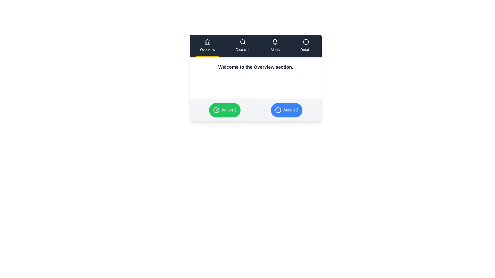 This screenshot has width=495, height=278. What do you see at coordinates (278, 110) in the screenshot?
I see `the circular info icon with a blue background, which contains the letter 'i', located to the right of the 'Action 1' button at the bottom of the panel` at bounding box center [278, 110].